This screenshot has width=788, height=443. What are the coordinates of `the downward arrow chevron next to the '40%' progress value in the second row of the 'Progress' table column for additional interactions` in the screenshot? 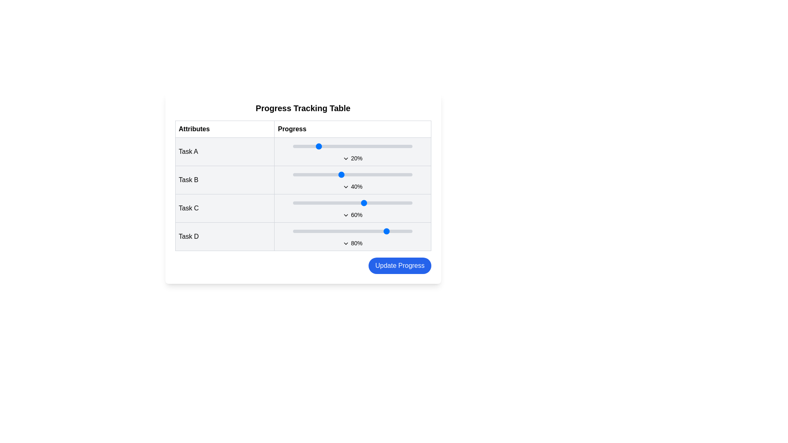 It's located at (346, 187).